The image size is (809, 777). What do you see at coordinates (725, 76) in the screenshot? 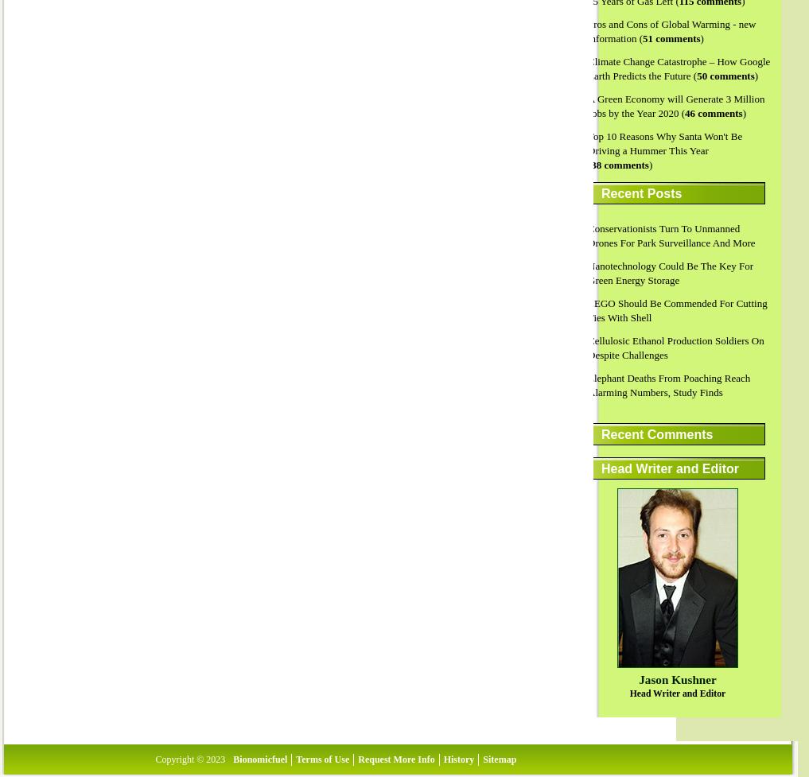
I see `'50 comments'` at bounding box center [725, 76].